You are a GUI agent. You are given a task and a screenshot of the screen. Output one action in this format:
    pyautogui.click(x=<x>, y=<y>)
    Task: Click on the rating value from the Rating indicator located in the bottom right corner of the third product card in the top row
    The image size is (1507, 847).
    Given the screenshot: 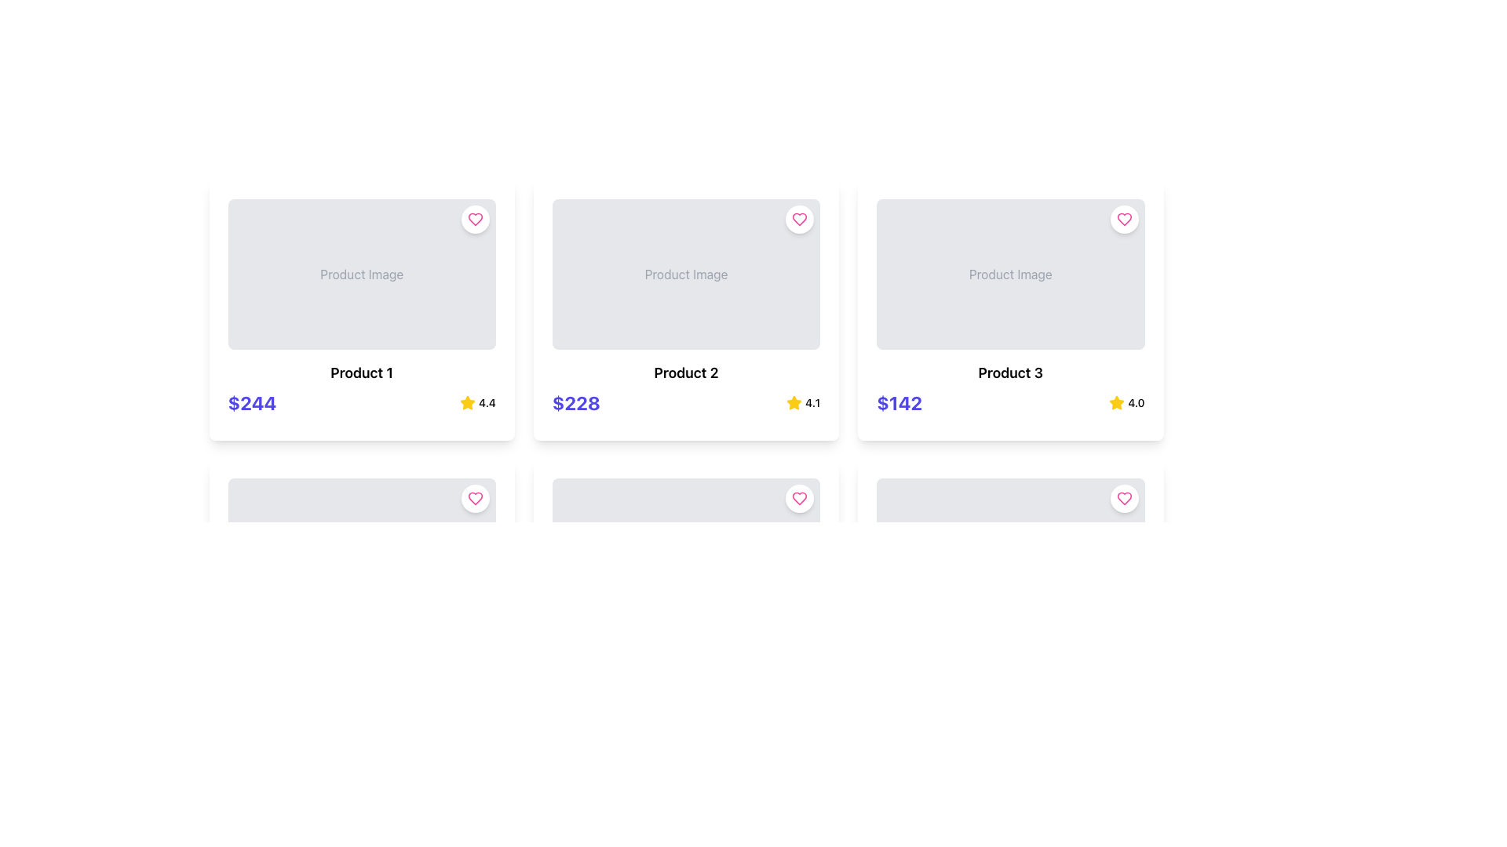 What is the action you would take?
    pyautogui.click(x=1126, y=402)
    